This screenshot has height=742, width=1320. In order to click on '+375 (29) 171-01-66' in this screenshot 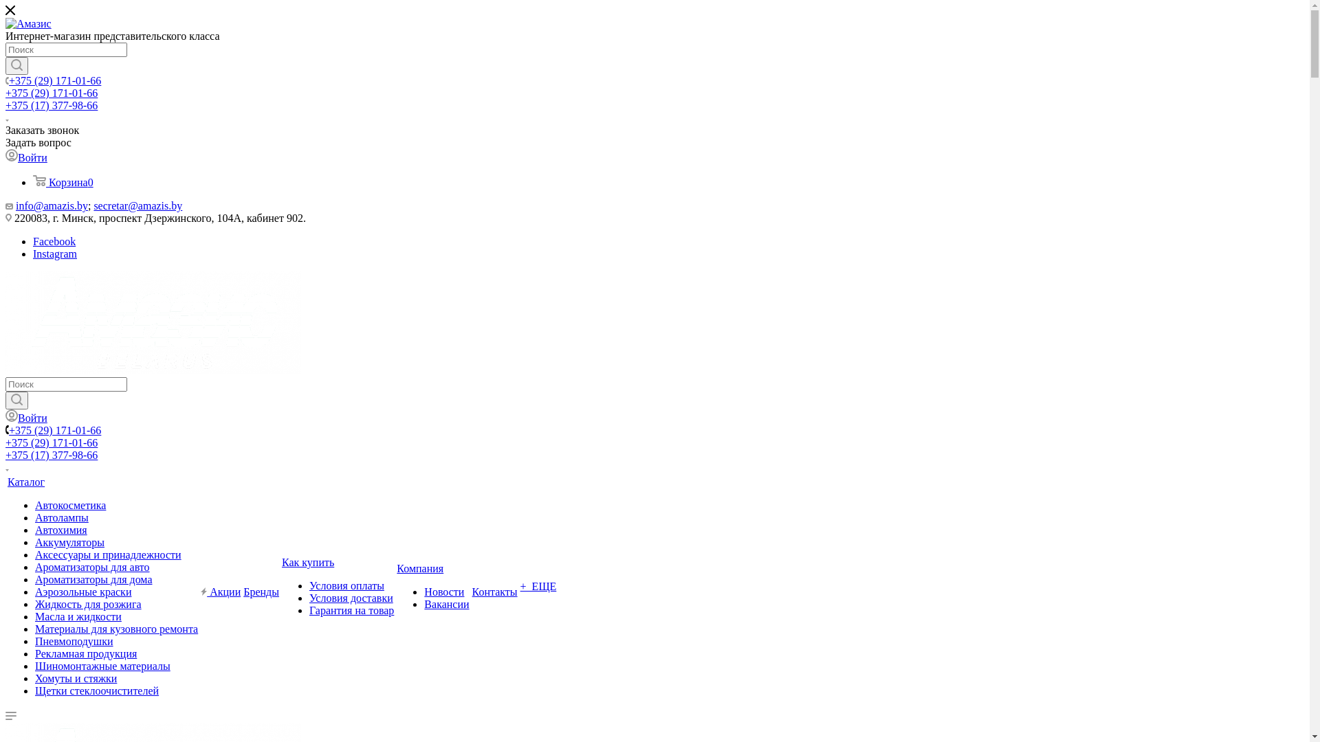, I will do `click(55, 429)`.